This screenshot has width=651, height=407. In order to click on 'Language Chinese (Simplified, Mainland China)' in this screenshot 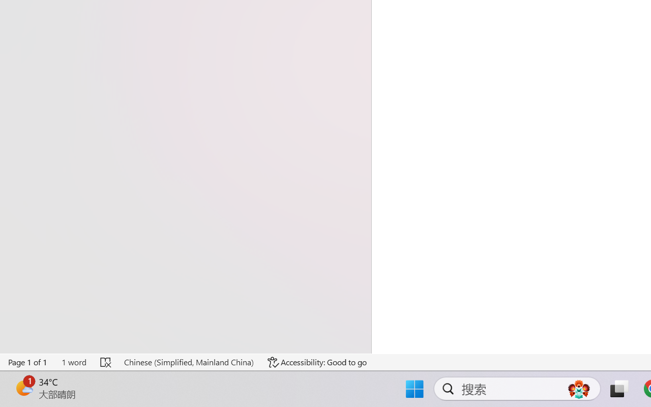, I will do `click(189, 362)`.